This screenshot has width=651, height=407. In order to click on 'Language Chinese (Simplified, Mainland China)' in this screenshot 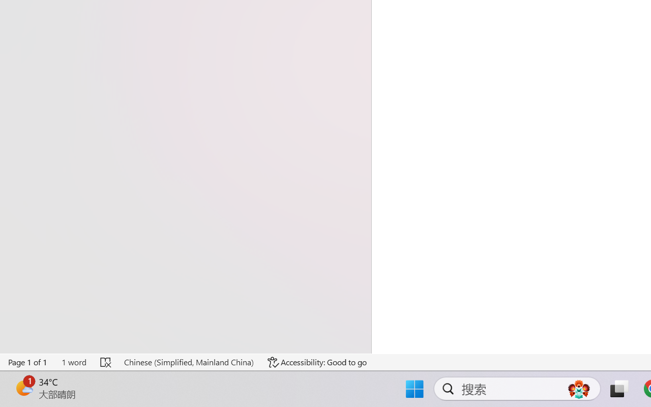, I will do `click(189, 362)`.